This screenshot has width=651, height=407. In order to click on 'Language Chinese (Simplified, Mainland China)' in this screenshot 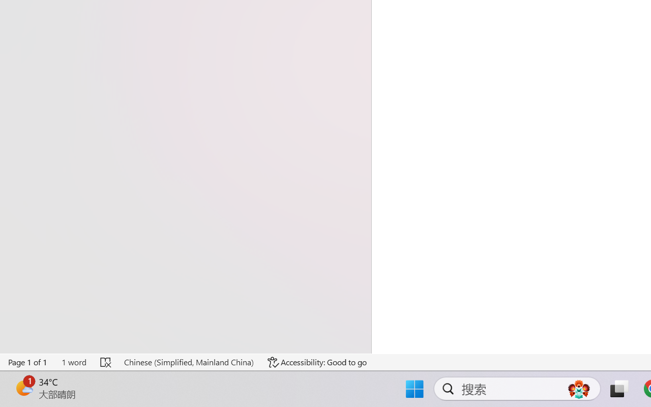, I will do `click(189, 362)`.